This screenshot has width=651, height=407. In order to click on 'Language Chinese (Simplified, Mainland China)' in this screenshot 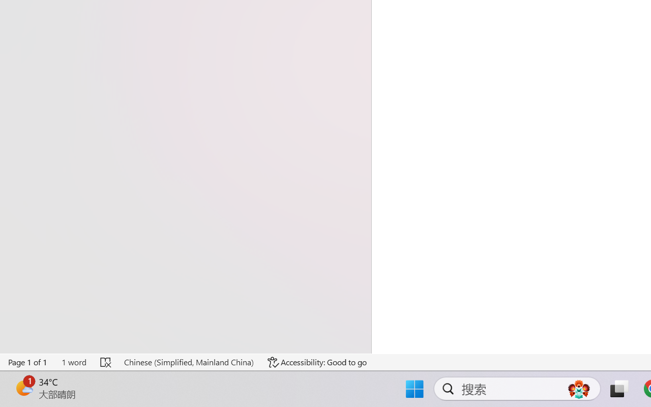, I will do `click(189, 362)`.